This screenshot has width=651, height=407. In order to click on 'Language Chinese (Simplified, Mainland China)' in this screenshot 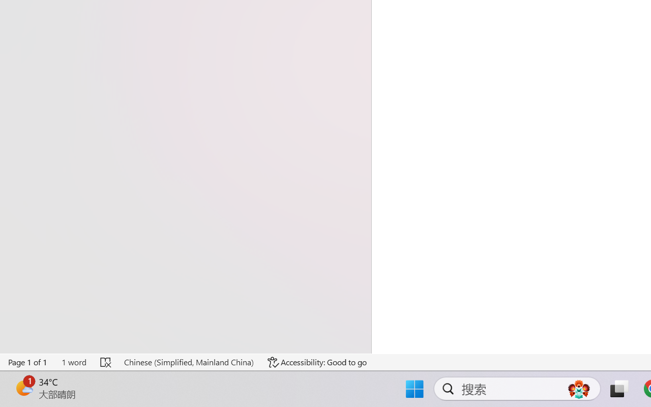, I will do `click(189, 362)`.